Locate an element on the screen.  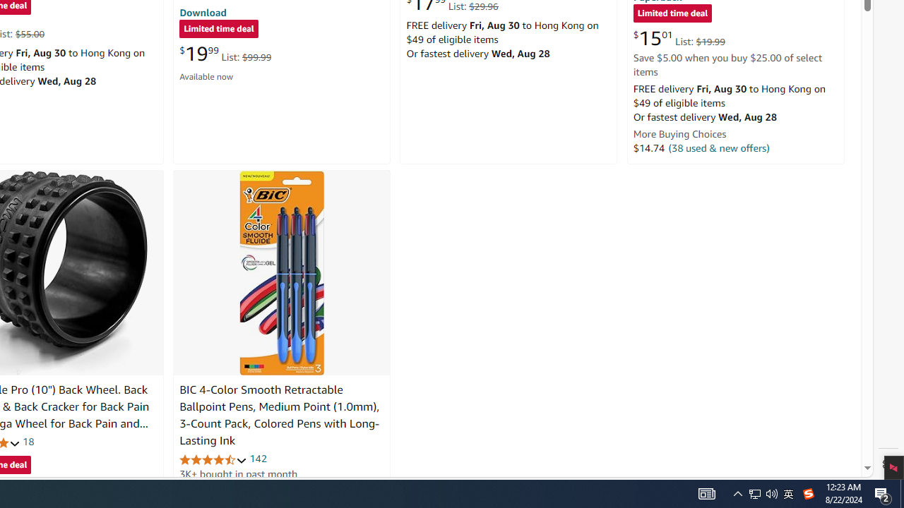
'(38 used & new offers)' is located at coordinates (719, 147).